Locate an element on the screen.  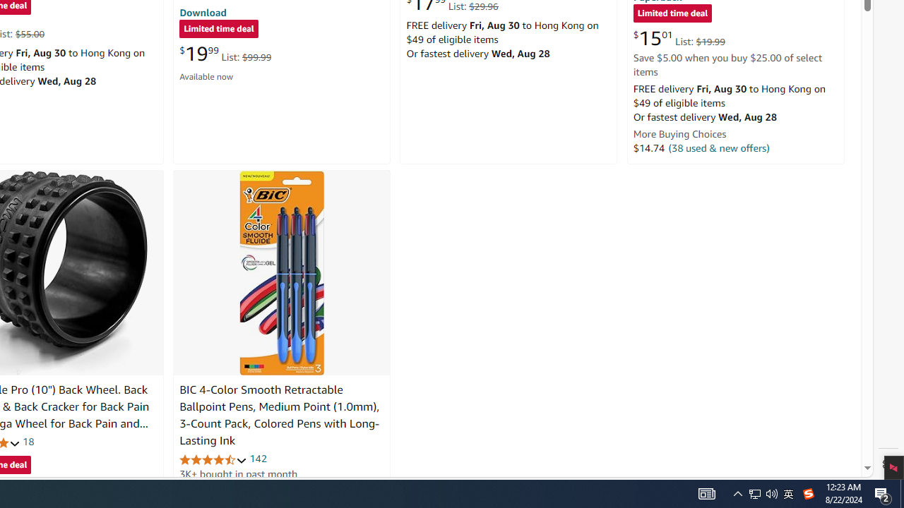
'(38 used & new offers)' is located at coordinates (719, 147).